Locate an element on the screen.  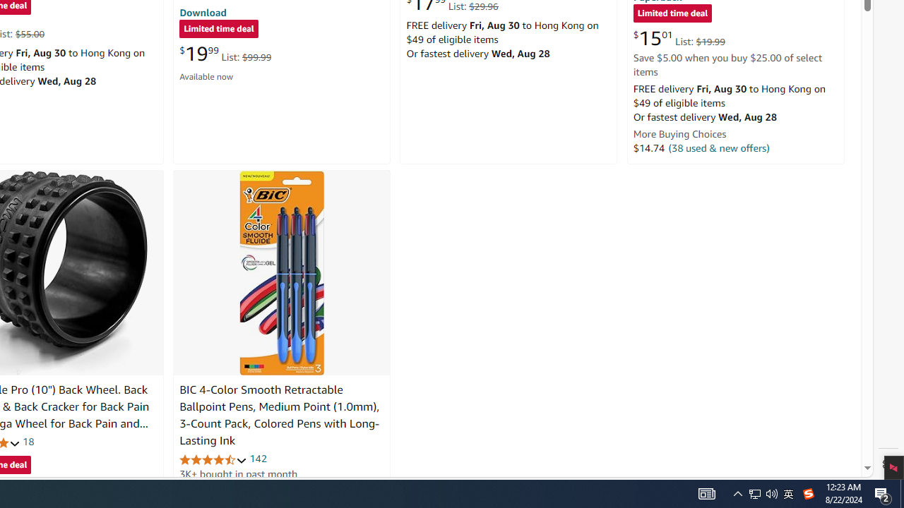
'(38 used & new offers)' is located at coordinates (719, 147).